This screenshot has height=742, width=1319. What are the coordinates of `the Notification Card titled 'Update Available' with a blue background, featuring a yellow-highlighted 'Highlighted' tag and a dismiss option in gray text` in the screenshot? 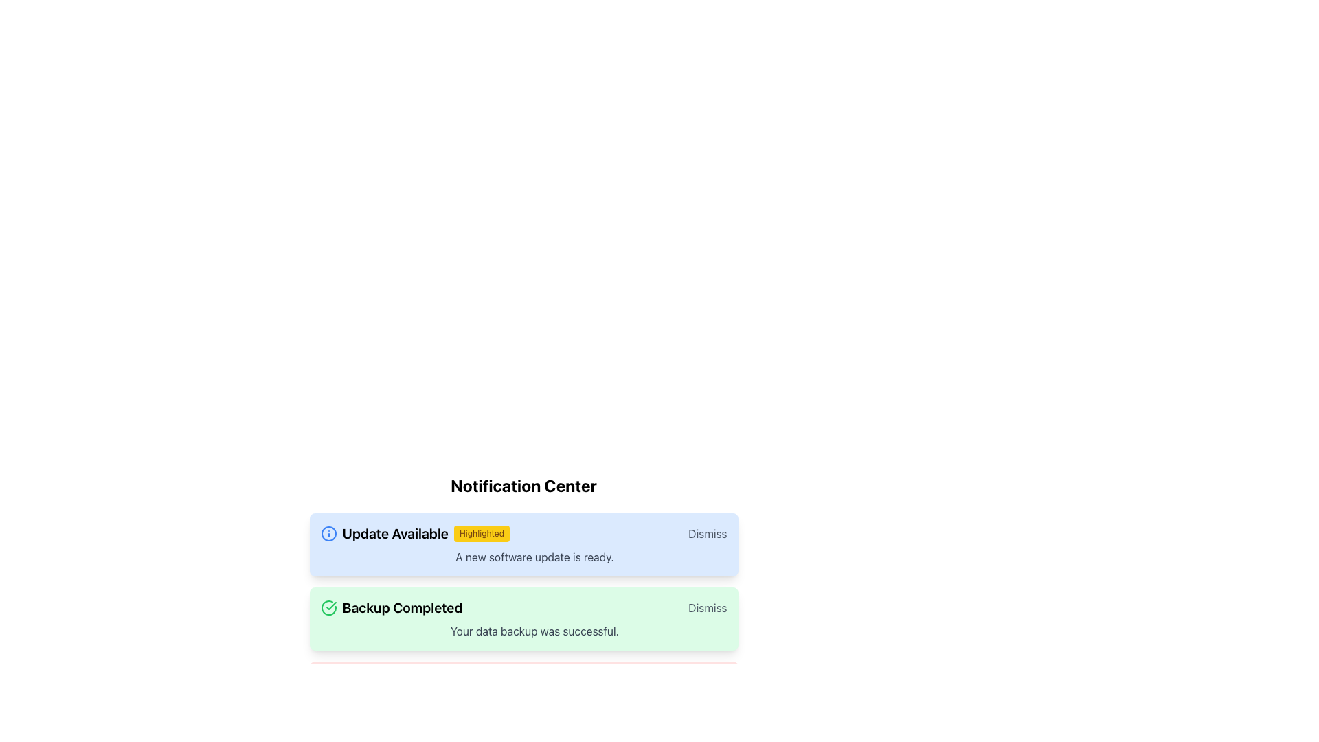 It's located at (523, 552).